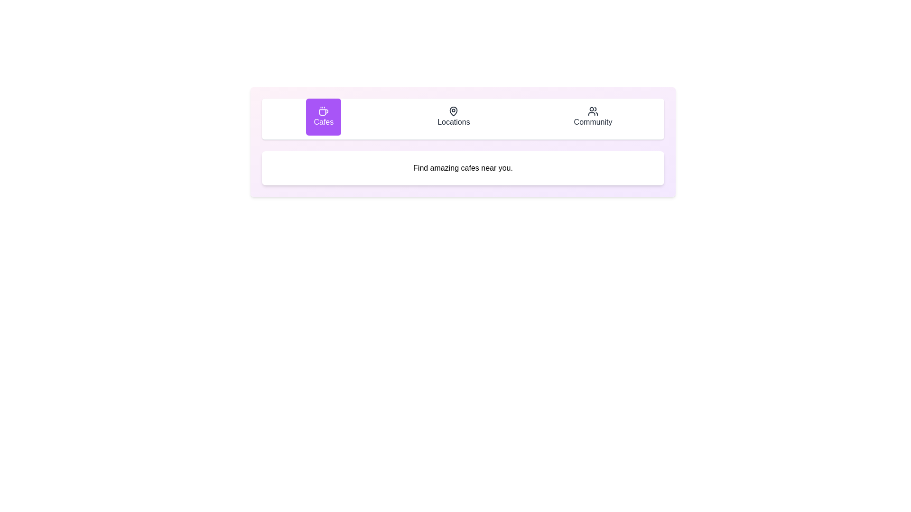 The height and width of the screenshot is (512, 911). What do you see at coordinates (463, 119) in the screenshot?
I see `the 'Locations' section in the navigation menu` at bounding box center [463, 119].